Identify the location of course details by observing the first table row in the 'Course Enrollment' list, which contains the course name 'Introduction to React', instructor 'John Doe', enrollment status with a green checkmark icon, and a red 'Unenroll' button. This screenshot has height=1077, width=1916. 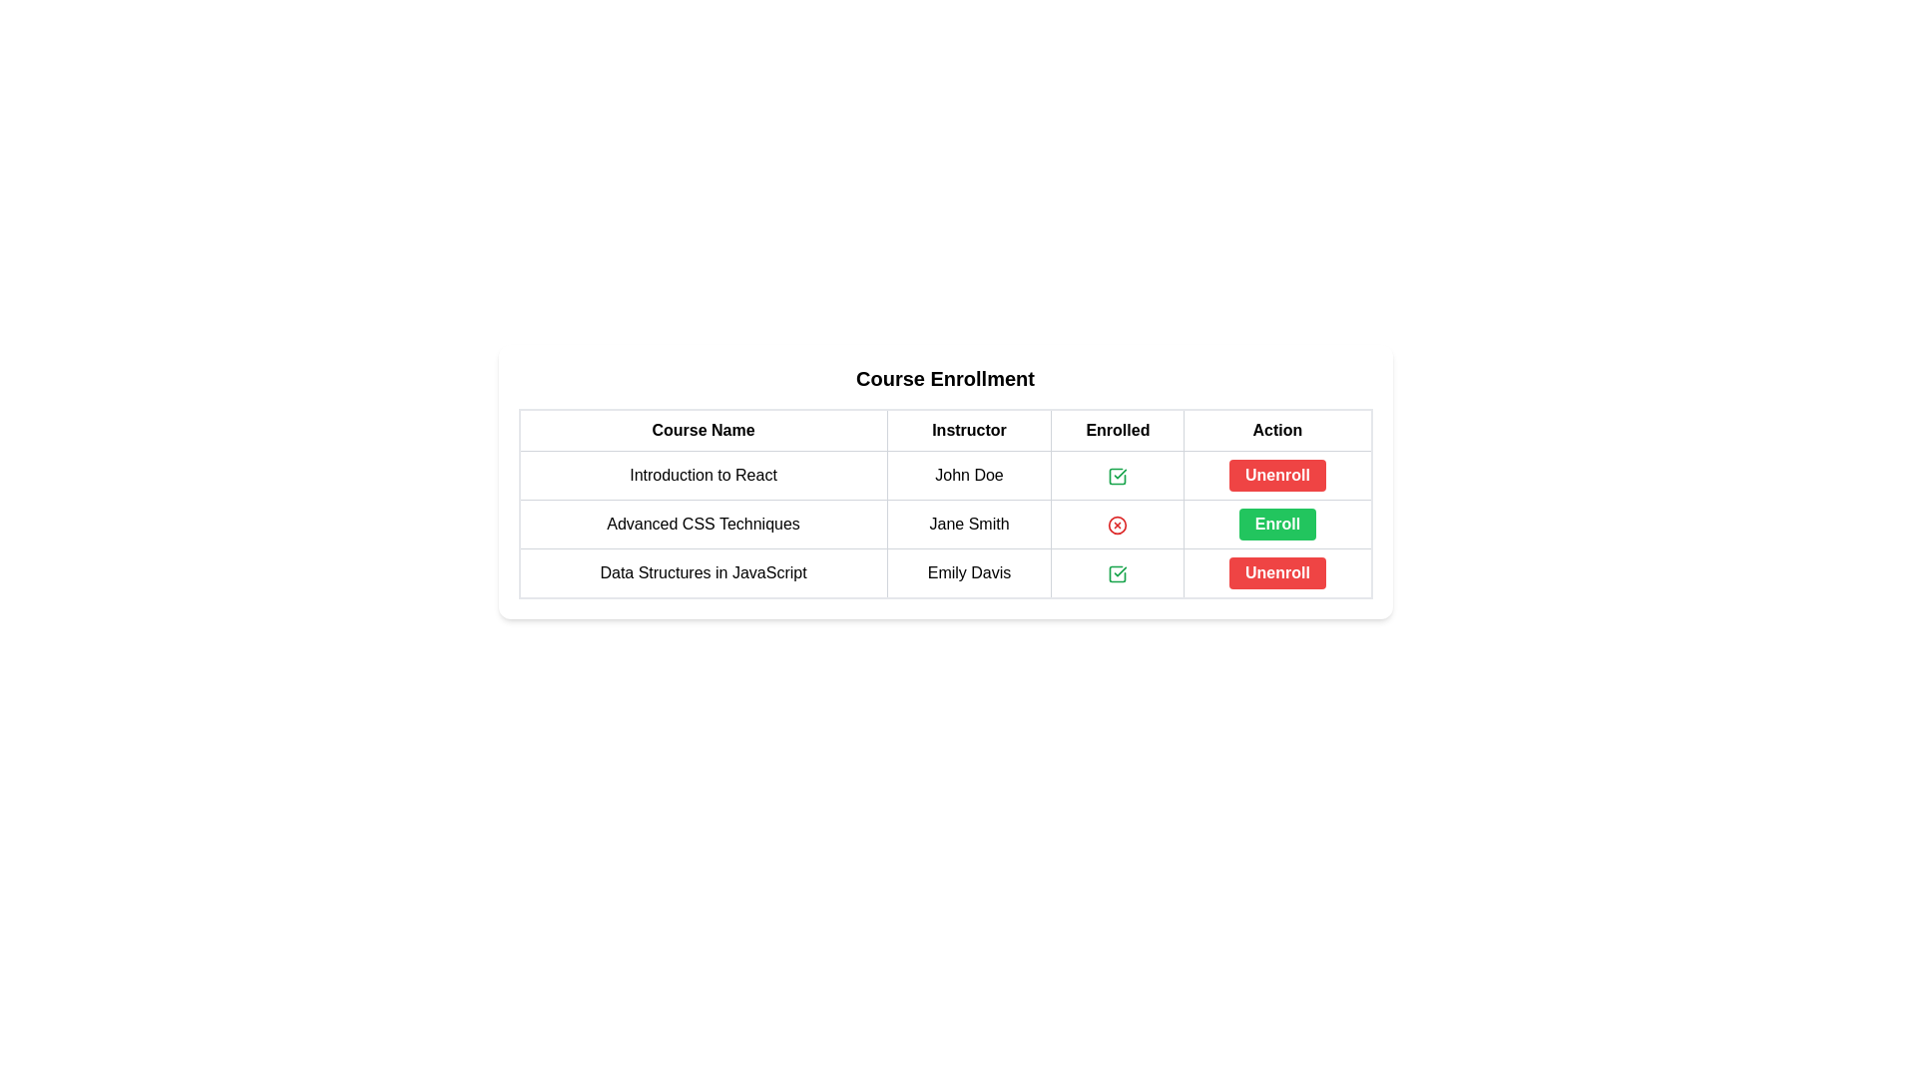
(944, 476).